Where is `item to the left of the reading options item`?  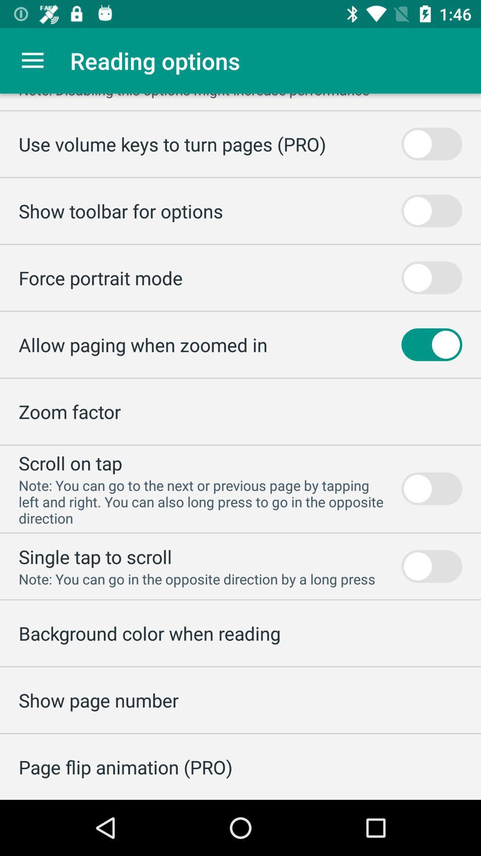
item to the left of the reading options item is located at coordinates (32, 60).